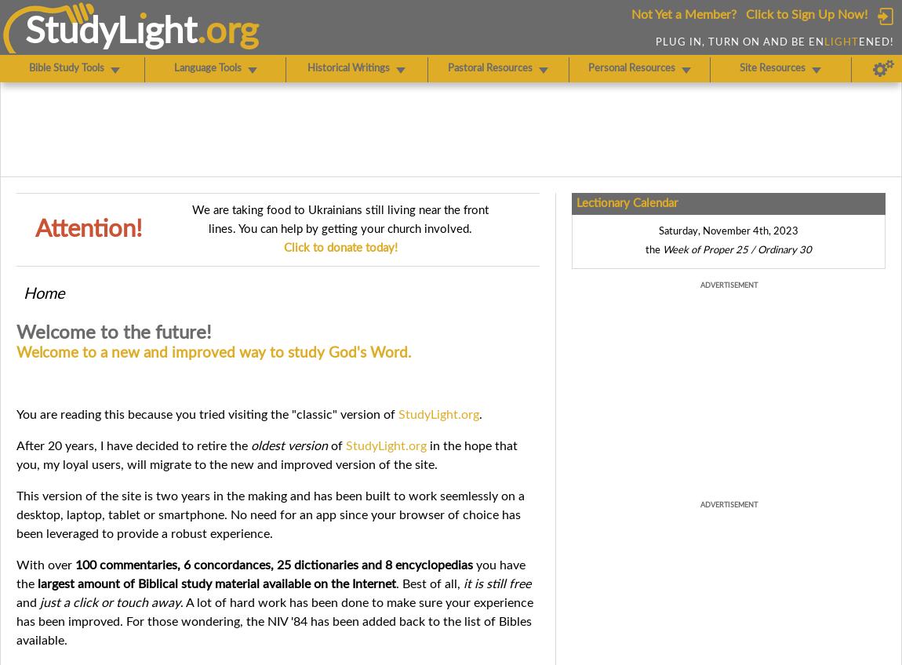 The width and height of the screenshot is (902, 665). I want to click on 'uage Tools', so click(216, 68).